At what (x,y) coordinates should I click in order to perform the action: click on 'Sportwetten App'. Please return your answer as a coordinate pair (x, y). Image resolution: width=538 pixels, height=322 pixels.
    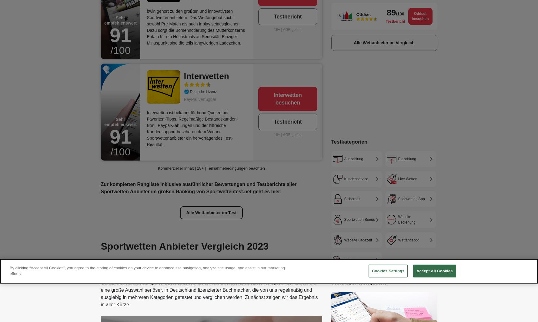
    Looking at the image, I should click on (411, 198).